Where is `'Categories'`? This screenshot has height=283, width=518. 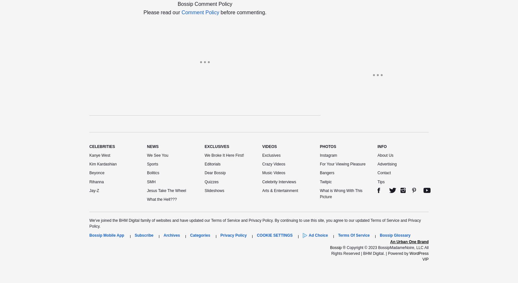
'Categories' is located at coordinates (200, 235).